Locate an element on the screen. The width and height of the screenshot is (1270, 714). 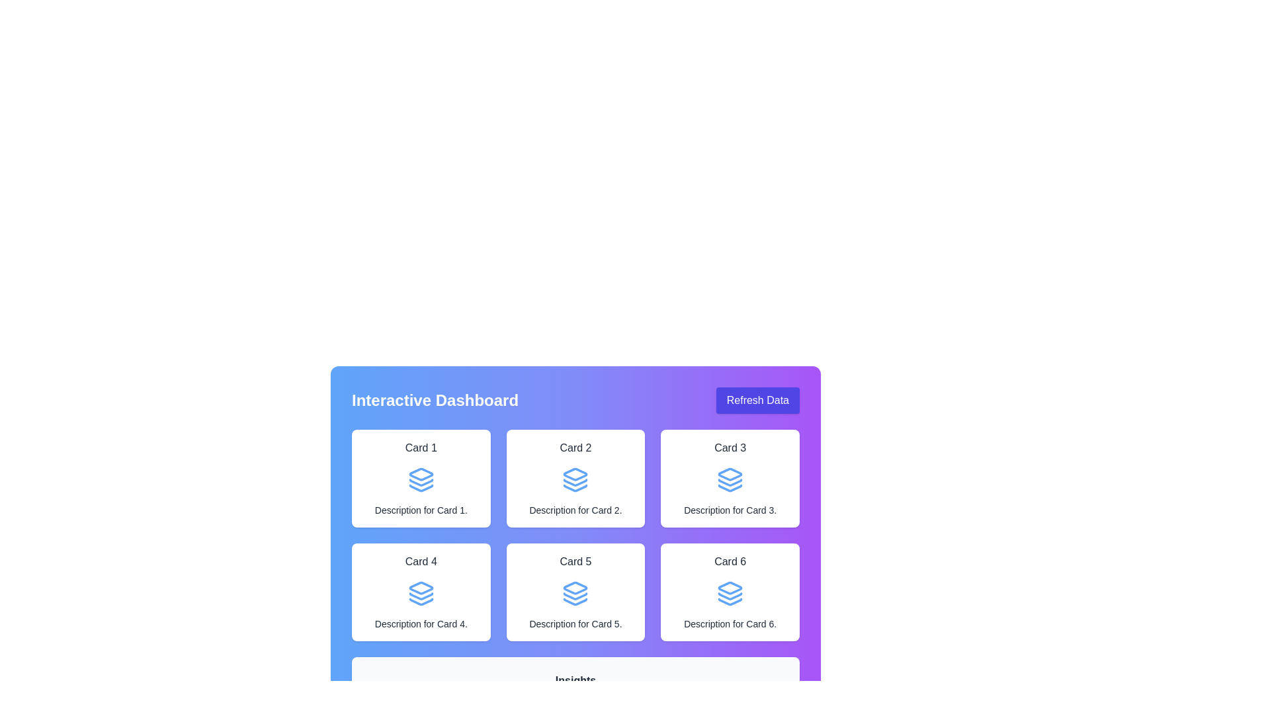
the 'Card 5' text label, which is a medium-sized bold black text located at the top of the second card in the second row of a grid layout is located at coordinates (575, 561).